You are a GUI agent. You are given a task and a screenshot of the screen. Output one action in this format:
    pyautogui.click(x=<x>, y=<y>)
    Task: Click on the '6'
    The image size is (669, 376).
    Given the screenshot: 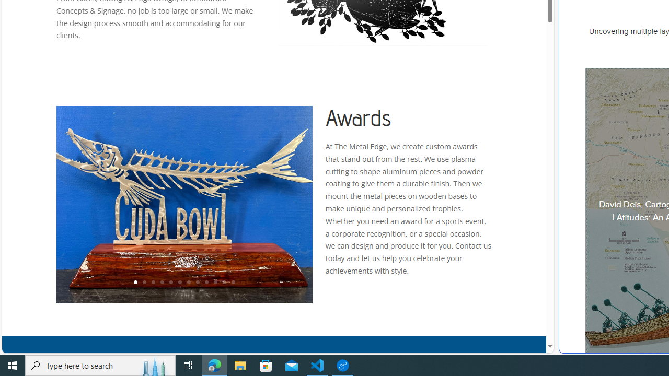 What is the action you would take?
    pyautogui.click(x=180, y=283)
    